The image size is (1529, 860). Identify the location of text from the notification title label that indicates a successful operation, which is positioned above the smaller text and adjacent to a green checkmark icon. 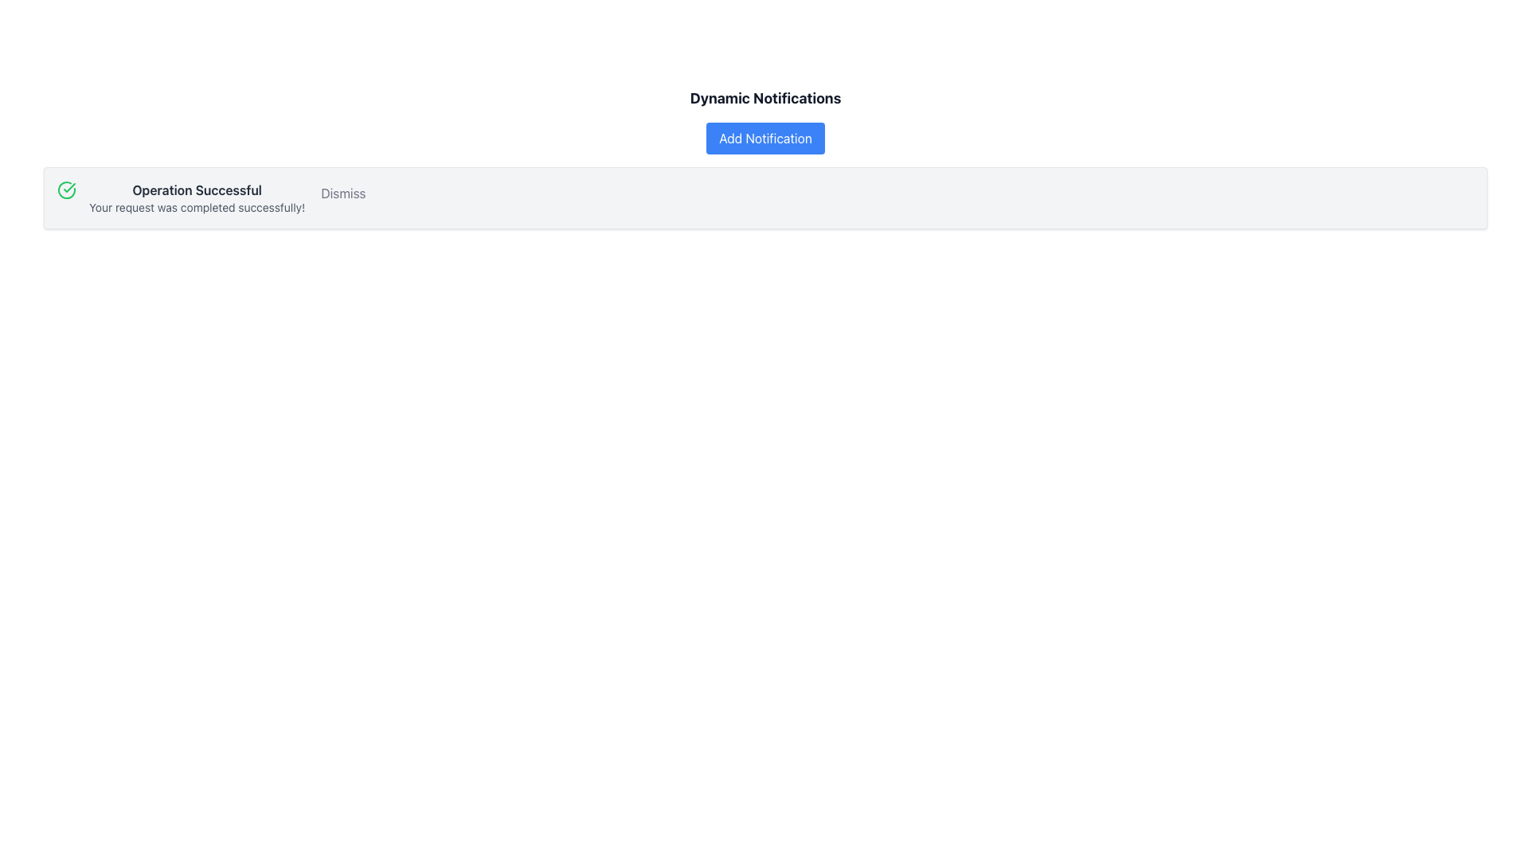
(196, 190).